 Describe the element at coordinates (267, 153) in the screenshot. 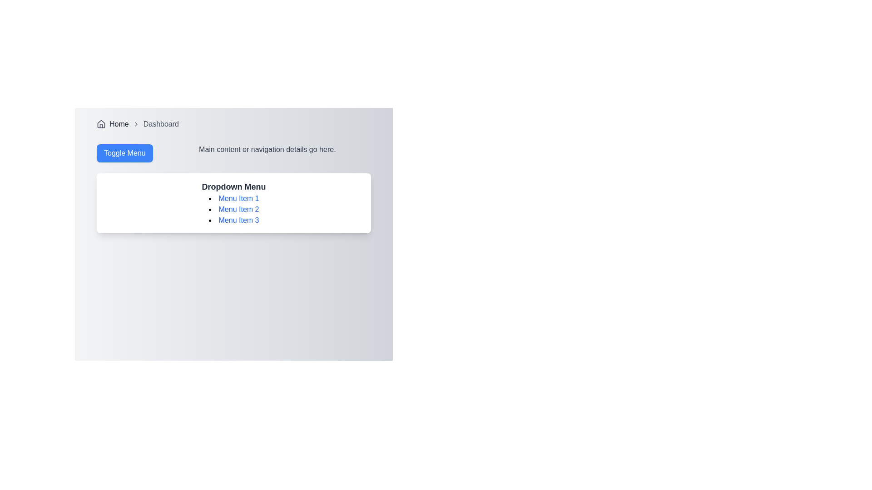

I see `the text display element located directly to the right of the 'Toggle Menu' button, which presents static informational content` at that location.